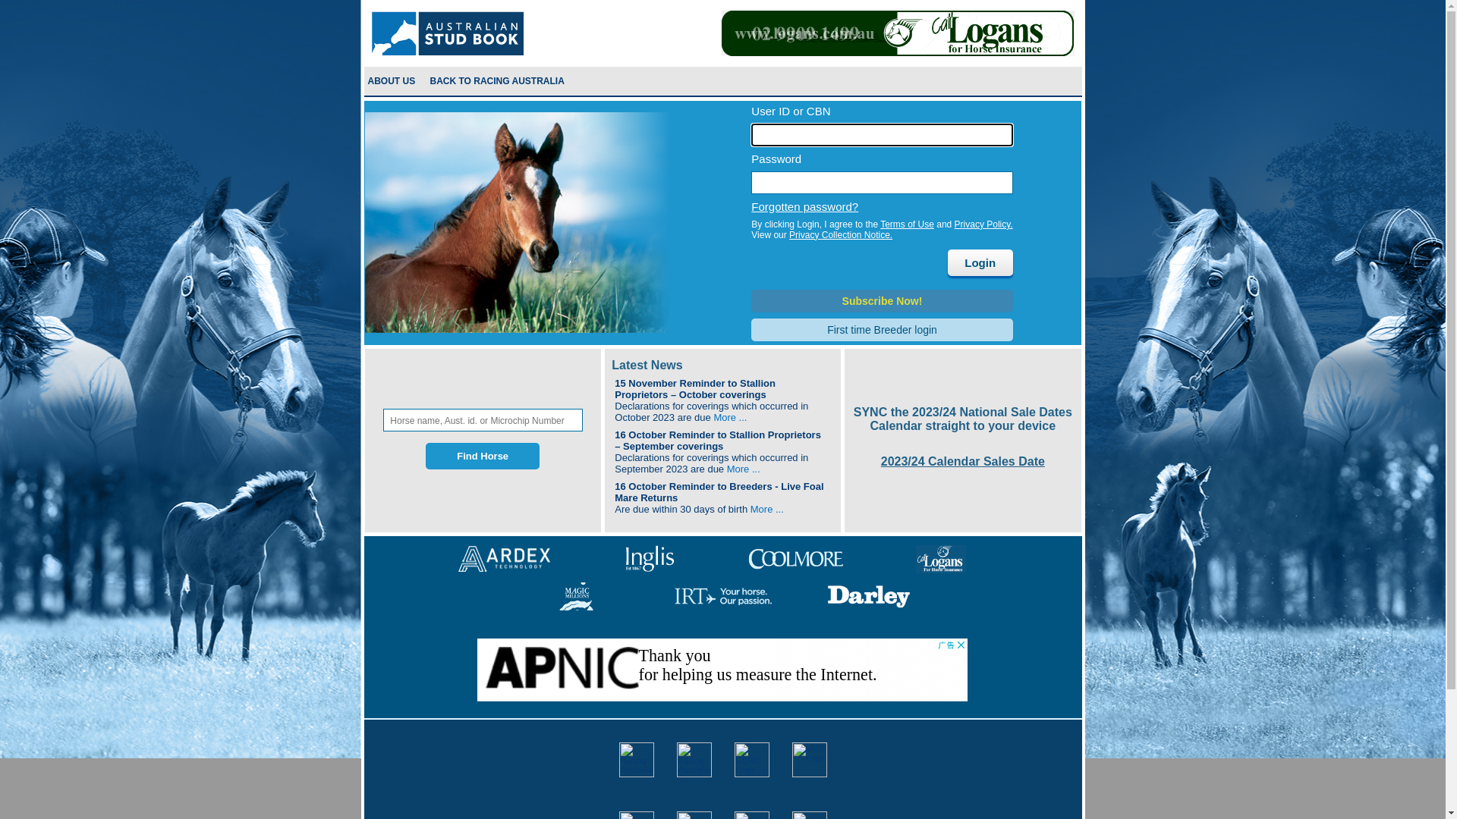  I want to click on 'Subscribe Now!', so click(881, 301).